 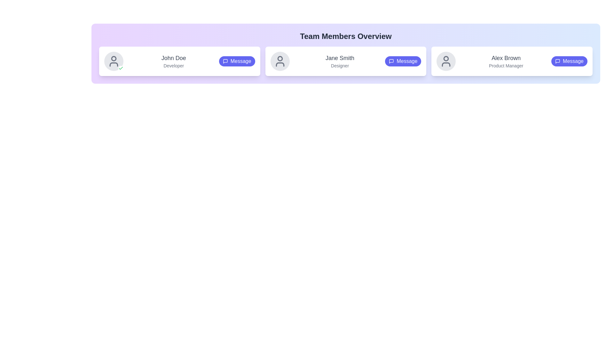 I want to click on the SVG Circle that represents the head of the user avatar for 'John Doe', located in the leftmost user card, so click(x=114, y=58).